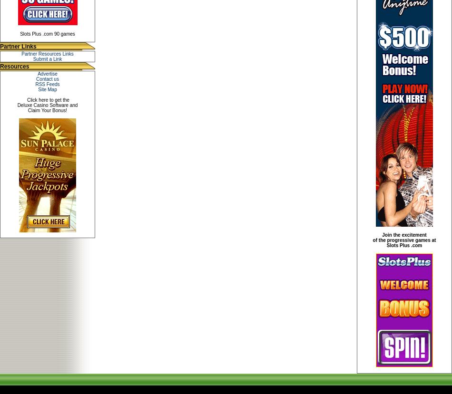 This screenshot has width=452, height=394. What do you see at coordinates (47, 84) in the screenshot?
I see `'RSS Feeds'` at bounding box center [47, 84].